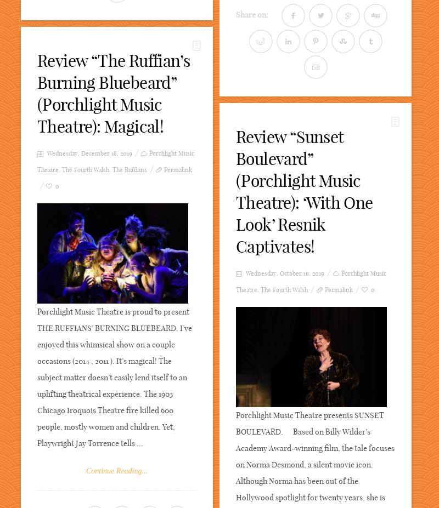 This screenshot has height=508, width=439. What do you see at coordinates (251, 13) in the screenshot?
I see `'Share on:'` at bounding box center [251, 13].